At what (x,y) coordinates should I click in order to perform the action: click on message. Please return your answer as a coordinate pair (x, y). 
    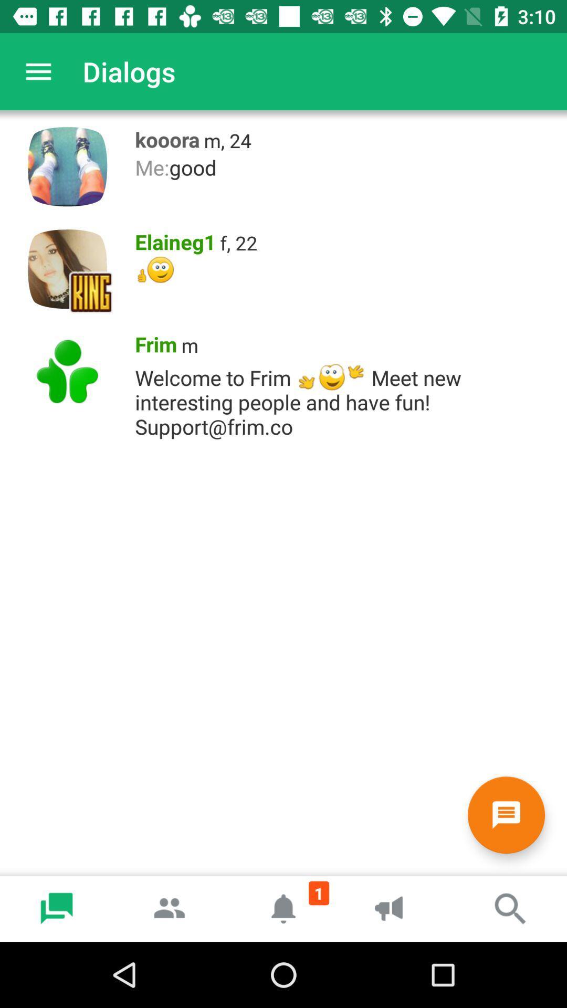
    Looking at the image, I should click on (506, 814).